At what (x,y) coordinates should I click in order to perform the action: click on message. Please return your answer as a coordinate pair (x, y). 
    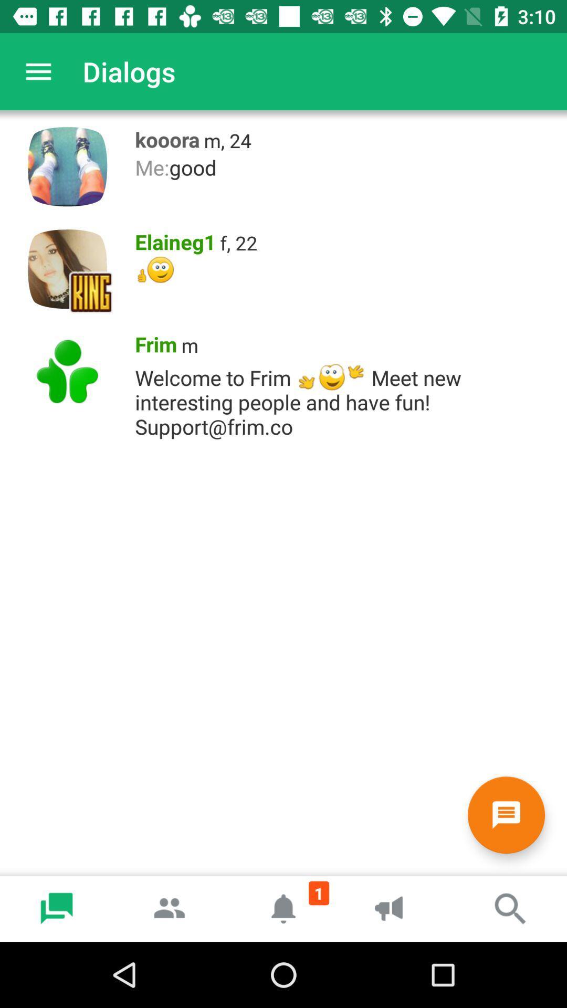
    Looking at the image, I should click on (506, 814).